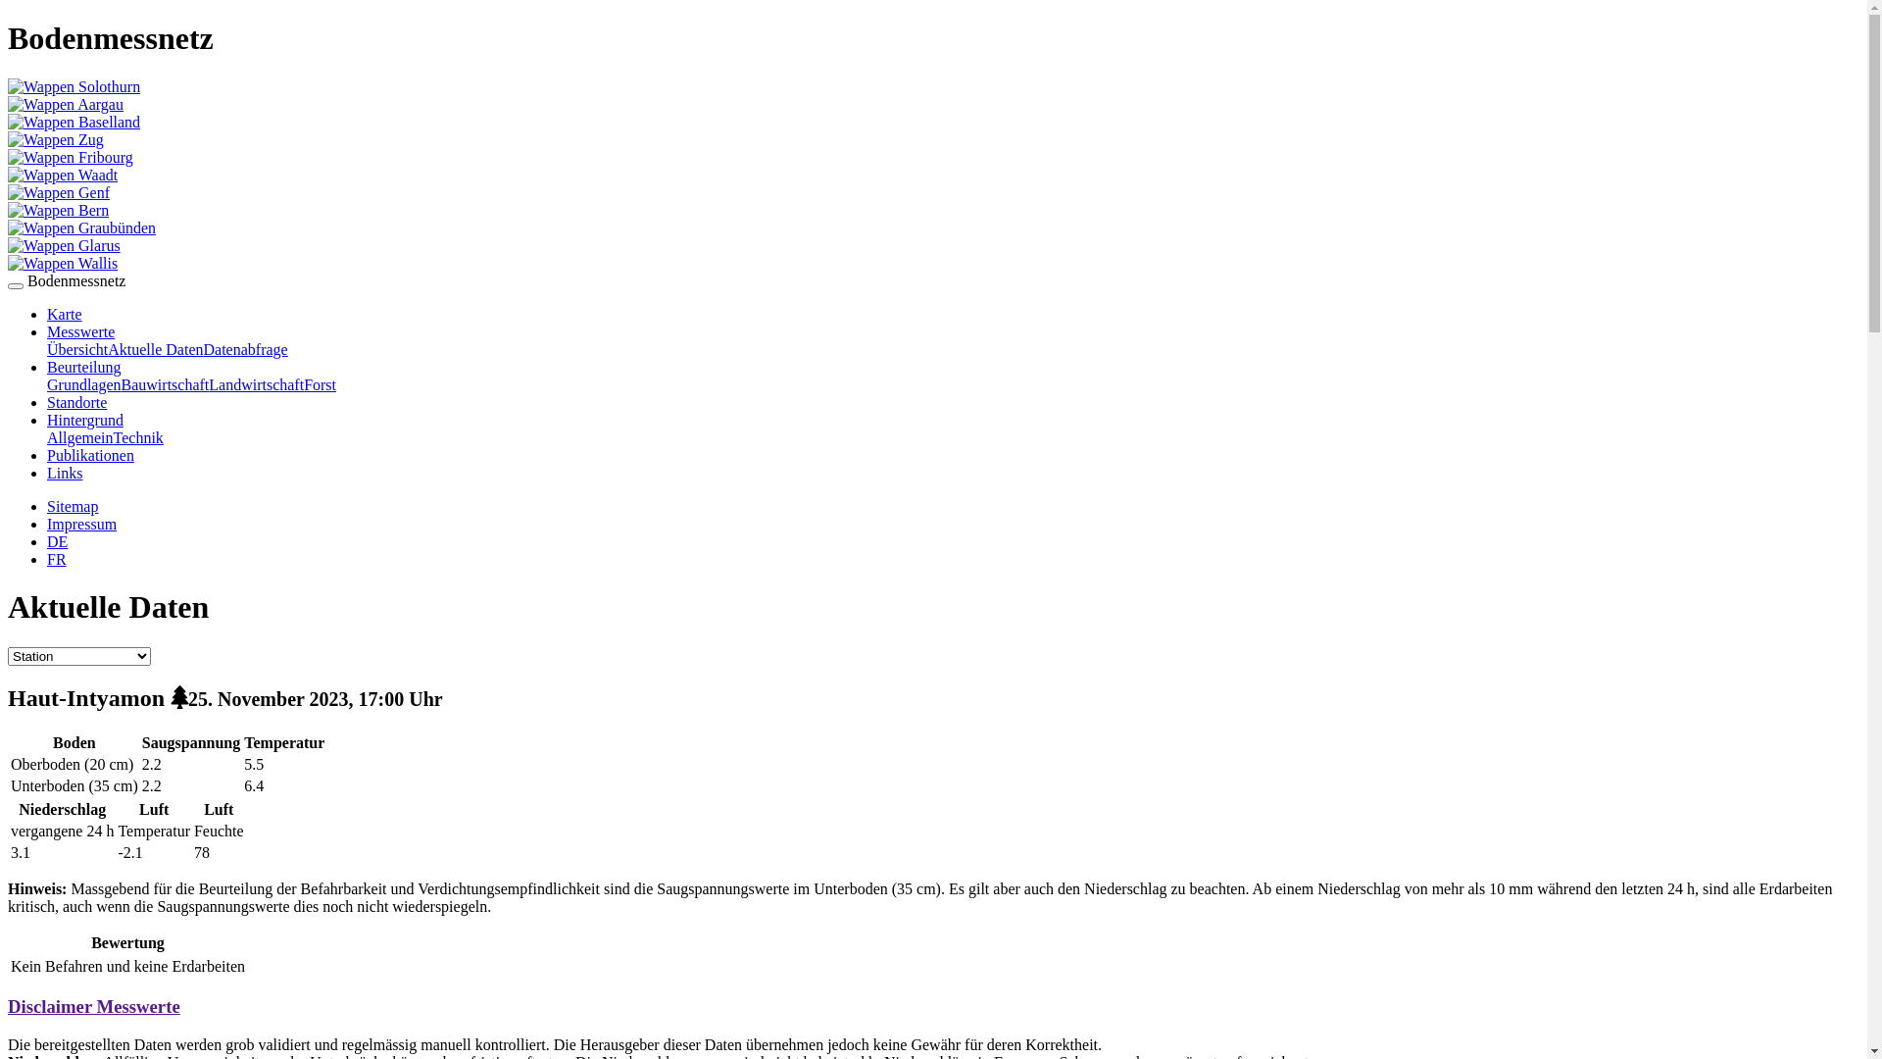 The height and width of the screenshot is (1059, 1882). What do you see at coordinates (47, 367) in the screenshot?
I see `'Beurteilung'` at bounding box center [47, 367].